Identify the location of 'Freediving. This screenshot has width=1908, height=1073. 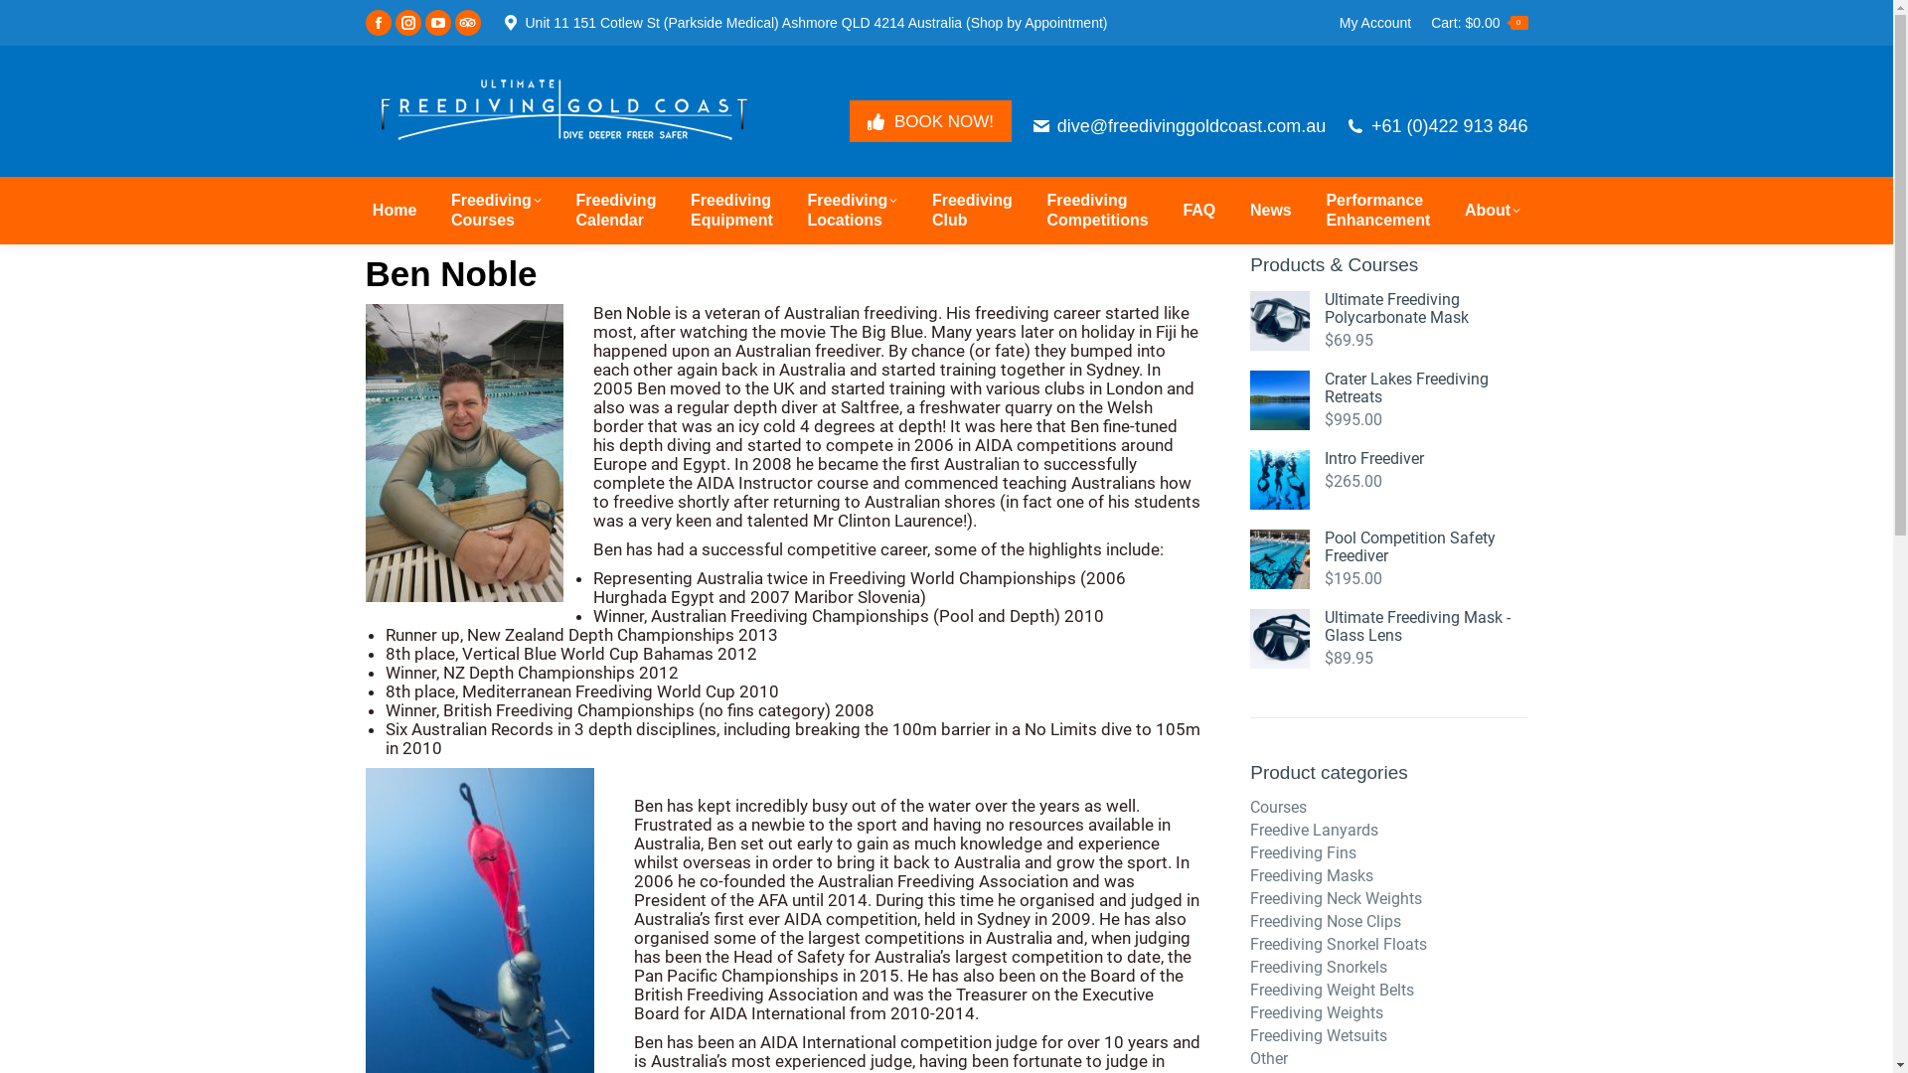
(496, 211).